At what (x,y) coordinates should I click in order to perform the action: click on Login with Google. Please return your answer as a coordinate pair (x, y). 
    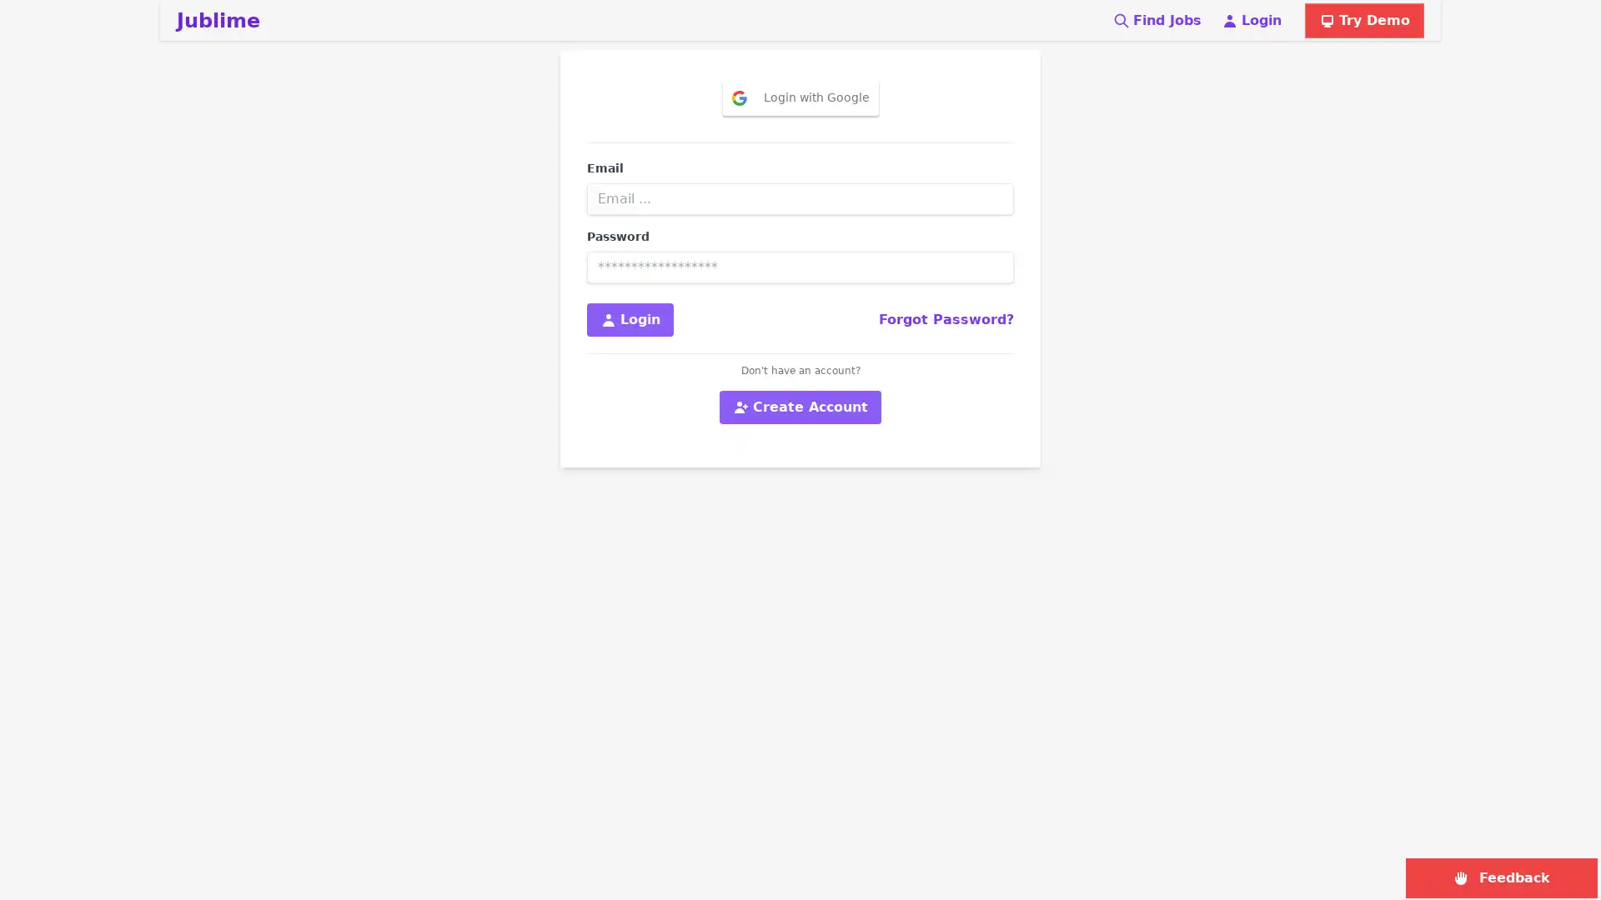
    Looking at the image, I should click on (799, 97).